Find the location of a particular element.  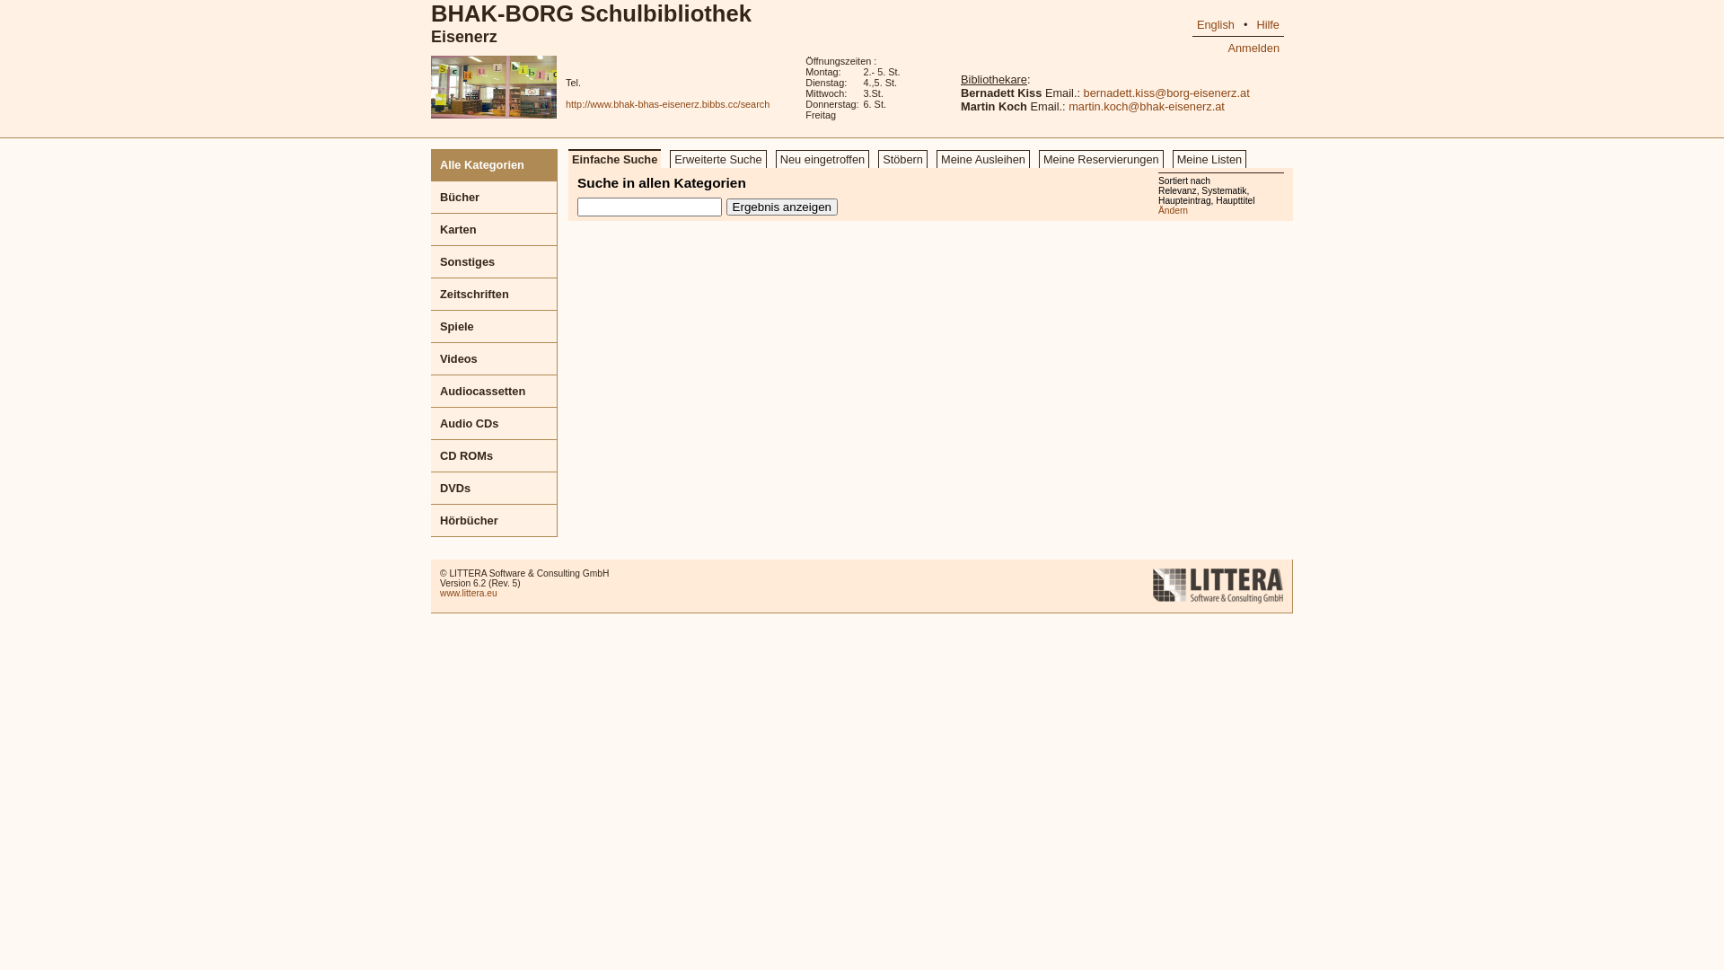

'Ergebnis anzeigen' is located at coordinates (781, 206).